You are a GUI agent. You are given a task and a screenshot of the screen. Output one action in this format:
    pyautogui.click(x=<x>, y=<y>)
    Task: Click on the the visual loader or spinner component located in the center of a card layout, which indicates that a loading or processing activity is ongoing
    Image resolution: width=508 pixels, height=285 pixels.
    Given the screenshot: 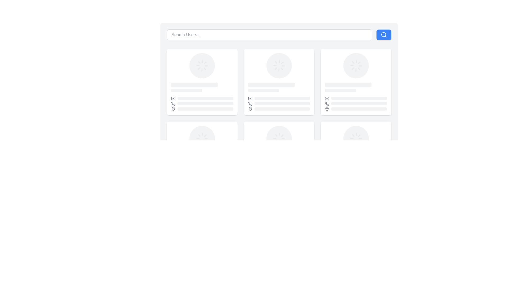 What is the action you would take?
    pyautogui.click(x=202, y=138)
    